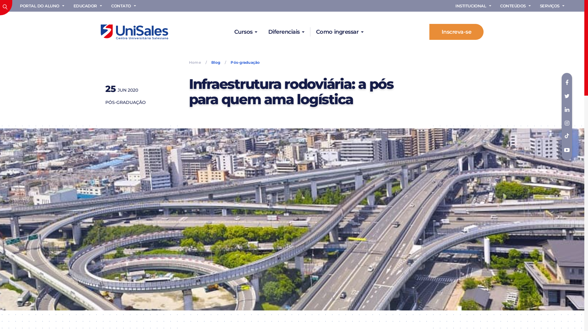  What do you see at coordinates (339, 32) in the screenshot?
I see `'Como ingressar'` at bounding box center [339, 32].